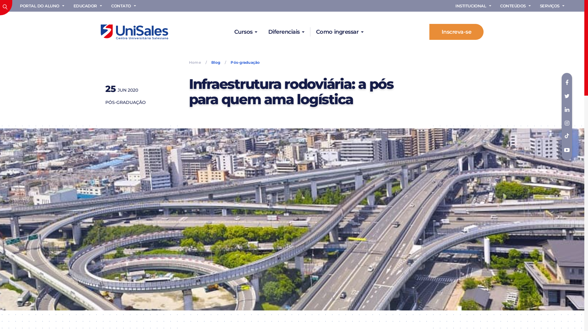  What do you see at coordinates (339, 32) in the screenshot?
I see `'Como ingressar'` at bounding box center [339, 32].